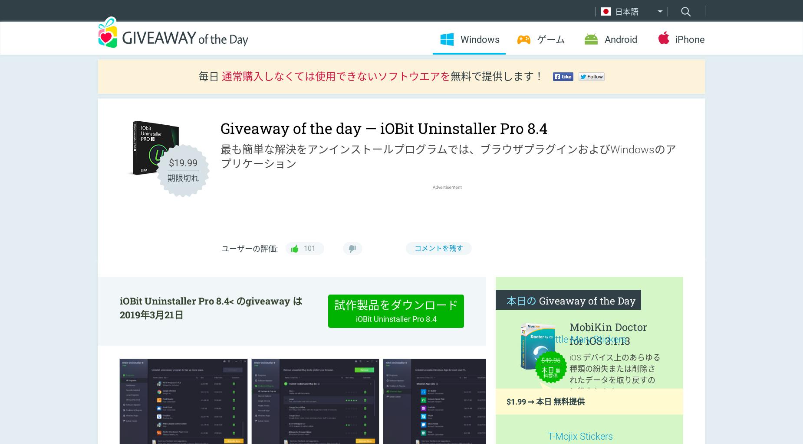  I want to click on '最も簡単な解決をアンインストールプログラムでは、ブラウザプラグインおよびWindowsのアプリケーション', so click(448, 156).